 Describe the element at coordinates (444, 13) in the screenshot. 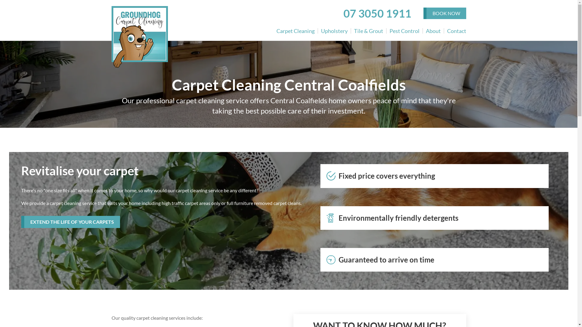

I see `'BOOK NOW'` at that location.